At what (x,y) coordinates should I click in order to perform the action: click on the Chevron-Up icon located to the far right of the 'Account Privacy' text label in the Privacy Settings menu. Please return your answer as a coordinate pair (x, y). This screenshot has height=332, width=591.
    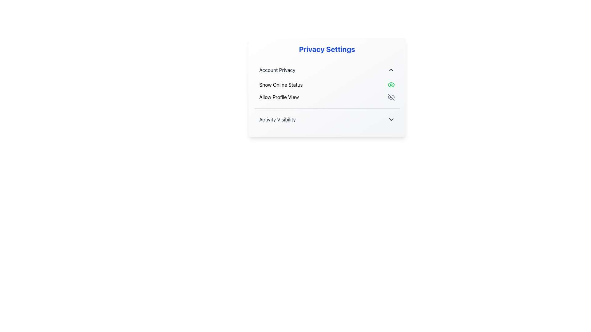
    Looking at the image, I should click on (391, 69).